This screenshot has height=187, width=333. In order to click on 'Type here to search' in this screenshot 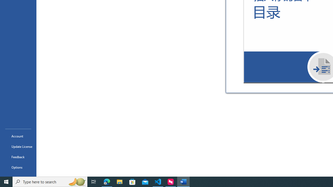, I will do `click(50, 181)`.